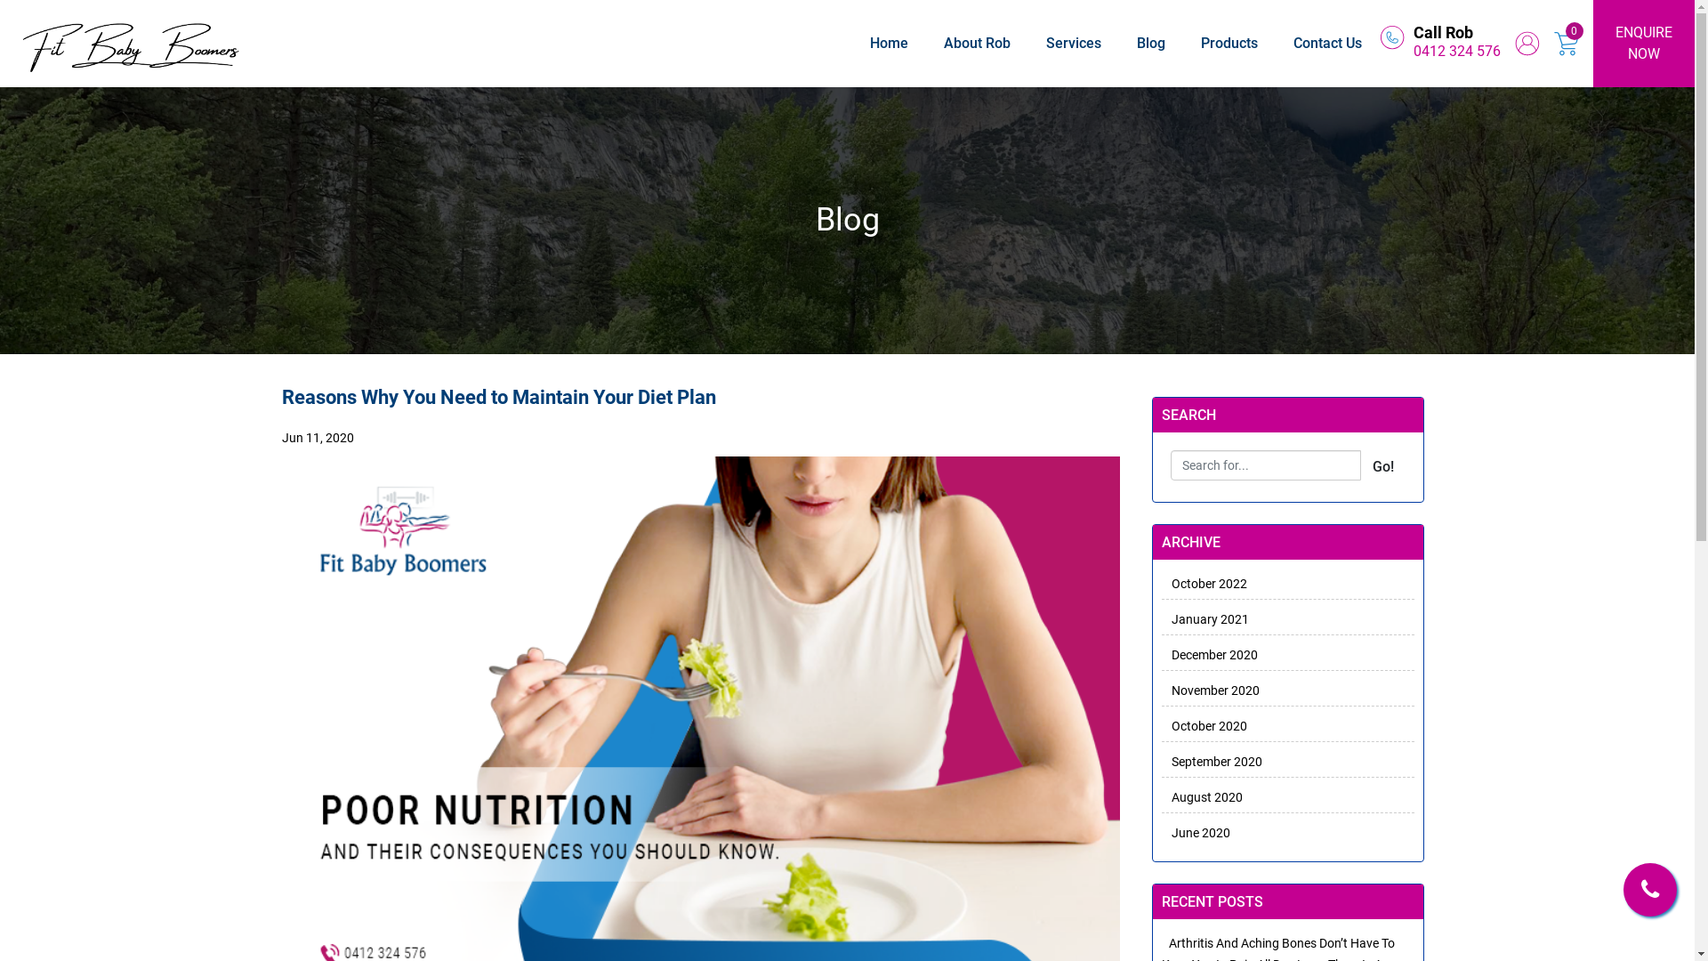 This screenshot has width=1708, height=961. I want to click on 'August 2020', so click(1161, 795).